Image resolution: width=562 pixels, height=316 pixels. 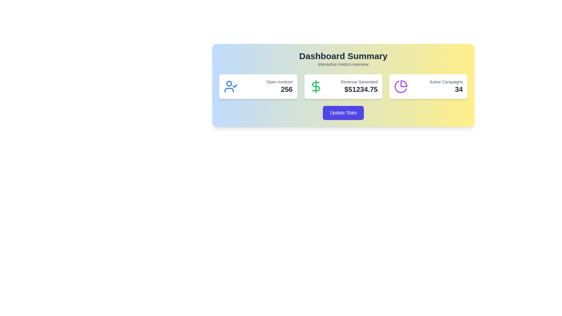 What do you see at coordinates (446, 87) in the screenshot?
I see `the 'Active Campaigns' text display showing the count of active campaigns, which is located in the top-right section of the rightmost card on the dashboard` at bounding box center [446, 87].